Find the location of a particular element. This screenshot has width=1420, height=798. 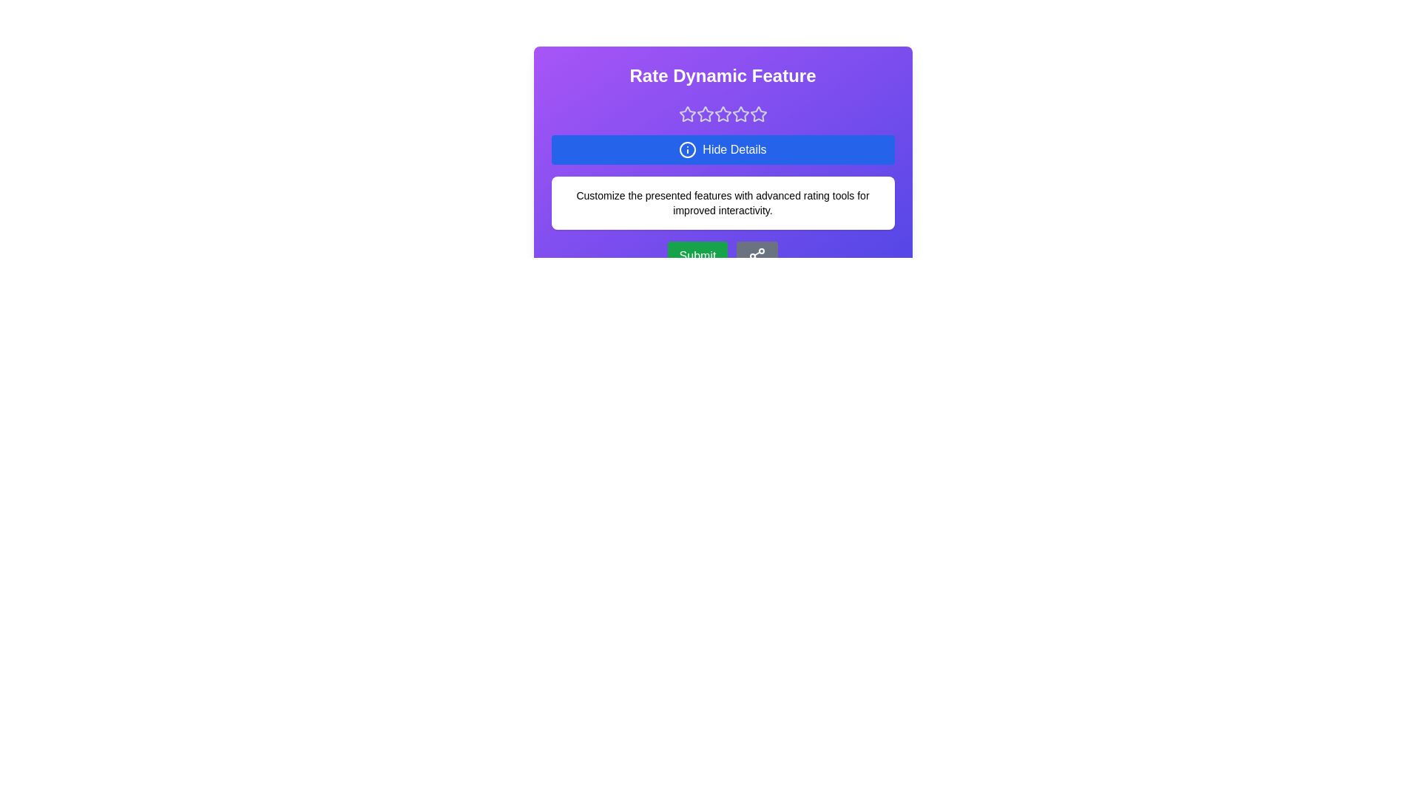

the 'Hide Details' button to toggle the visibility of the details section is located at coordinates (723, 150).